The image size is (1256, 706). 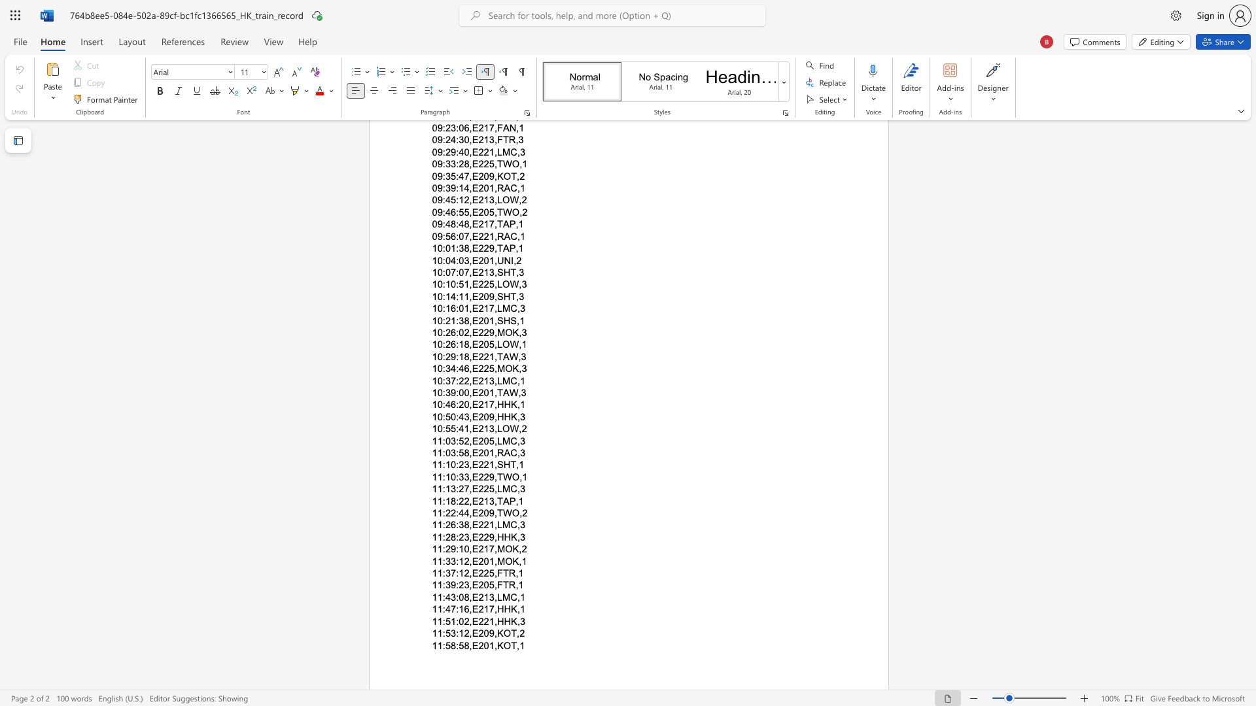 I want to click on the space between the continuous character "R" and "," in the text, so click(x=514, y=573).